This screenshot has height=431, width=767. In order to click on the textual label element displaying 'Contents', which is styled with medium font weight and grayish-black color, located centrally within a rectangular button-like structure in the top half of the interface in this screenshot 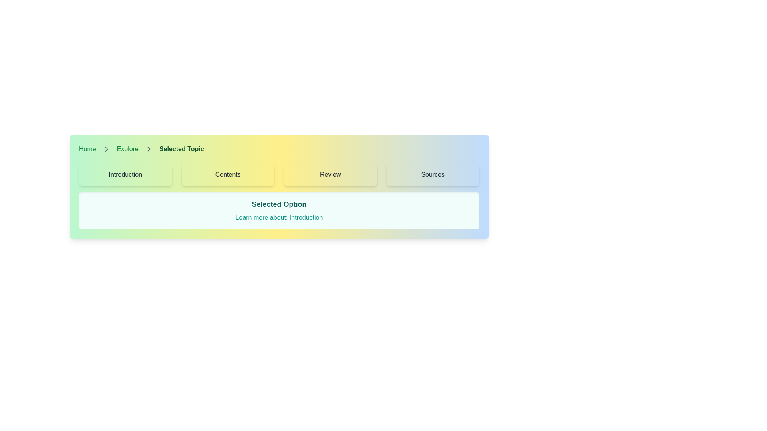, I will do `click(227, 174)`.